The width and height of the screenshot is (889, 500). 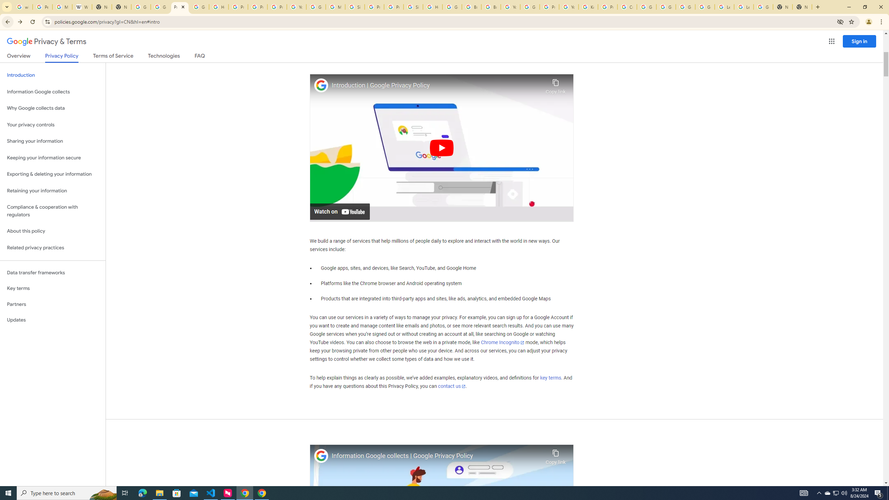 I want to click on 'Exporting & deleting your information', so click(x=52, y=174).